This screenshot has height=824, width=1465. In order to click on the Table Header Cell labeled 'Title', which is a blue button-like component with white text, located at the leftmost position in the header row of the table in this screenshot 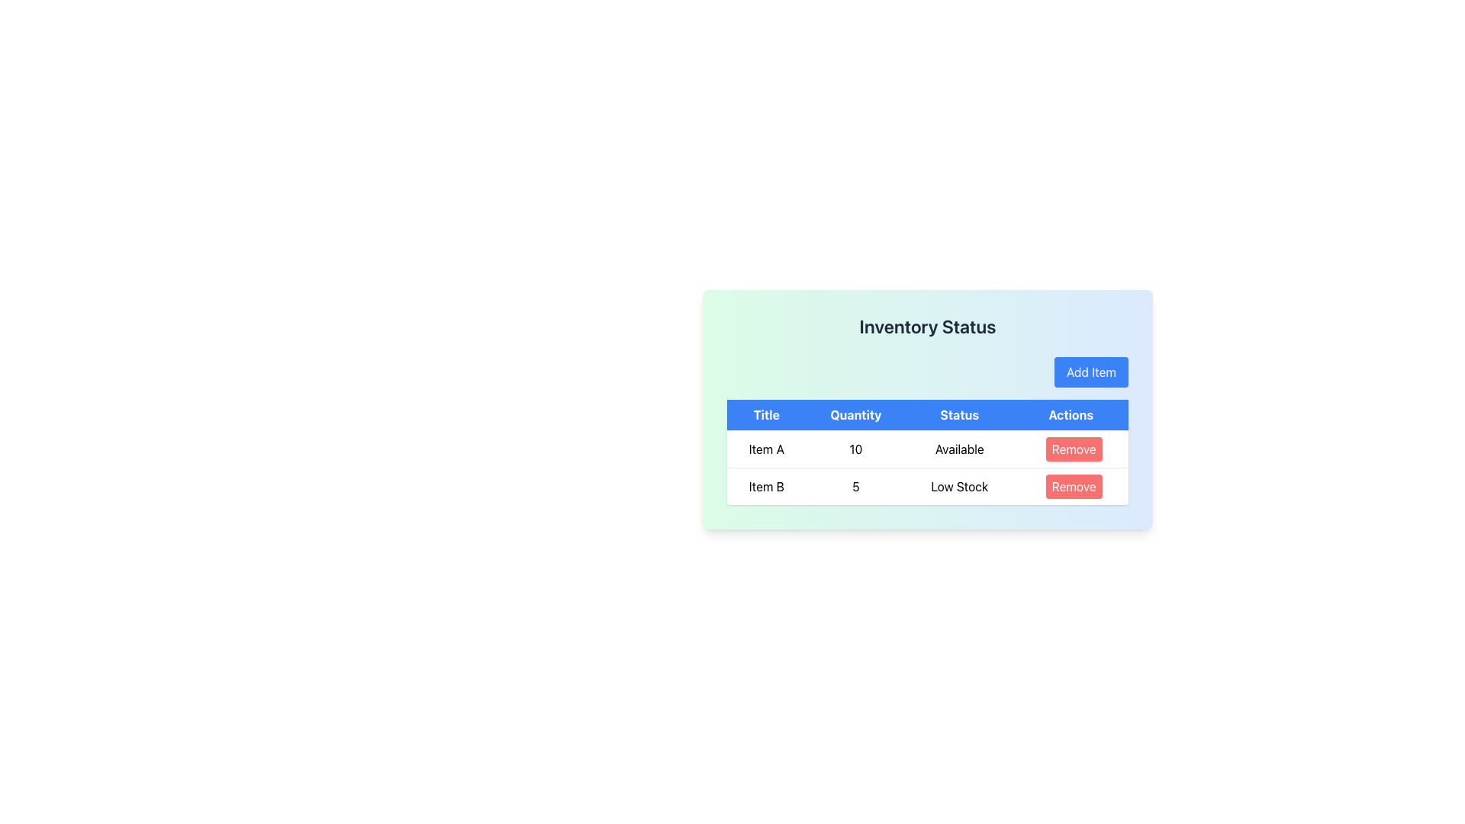, I will do `click(766, 415)`.